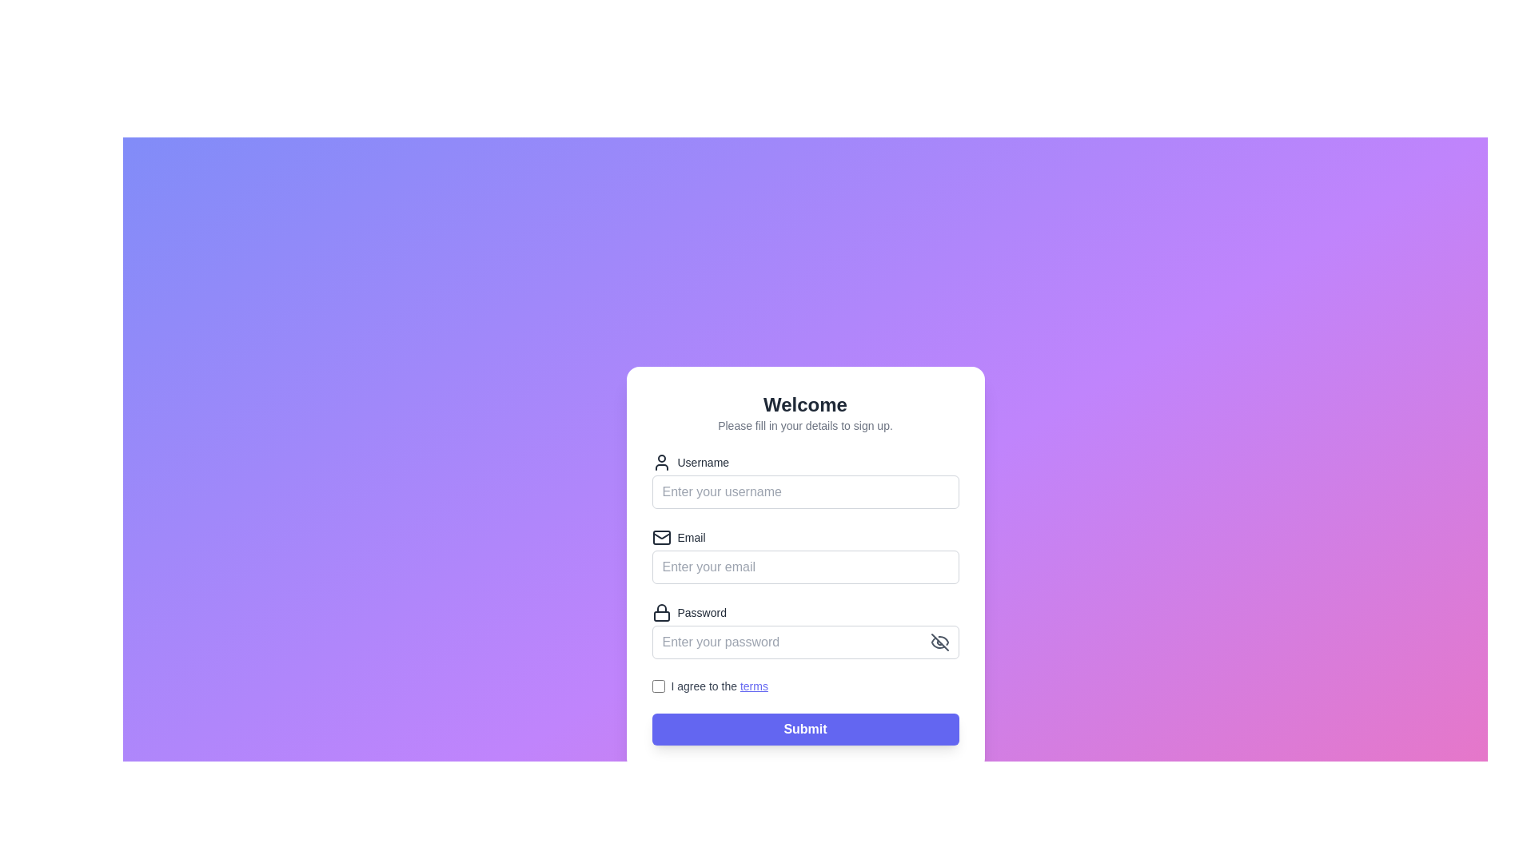 This screenshot has height=863, width=1535. I want to click on the decorative lock icon element, which is a rectangular shape with rounded corners, located inside the password field to the left of the text input area, so click(661, 615).